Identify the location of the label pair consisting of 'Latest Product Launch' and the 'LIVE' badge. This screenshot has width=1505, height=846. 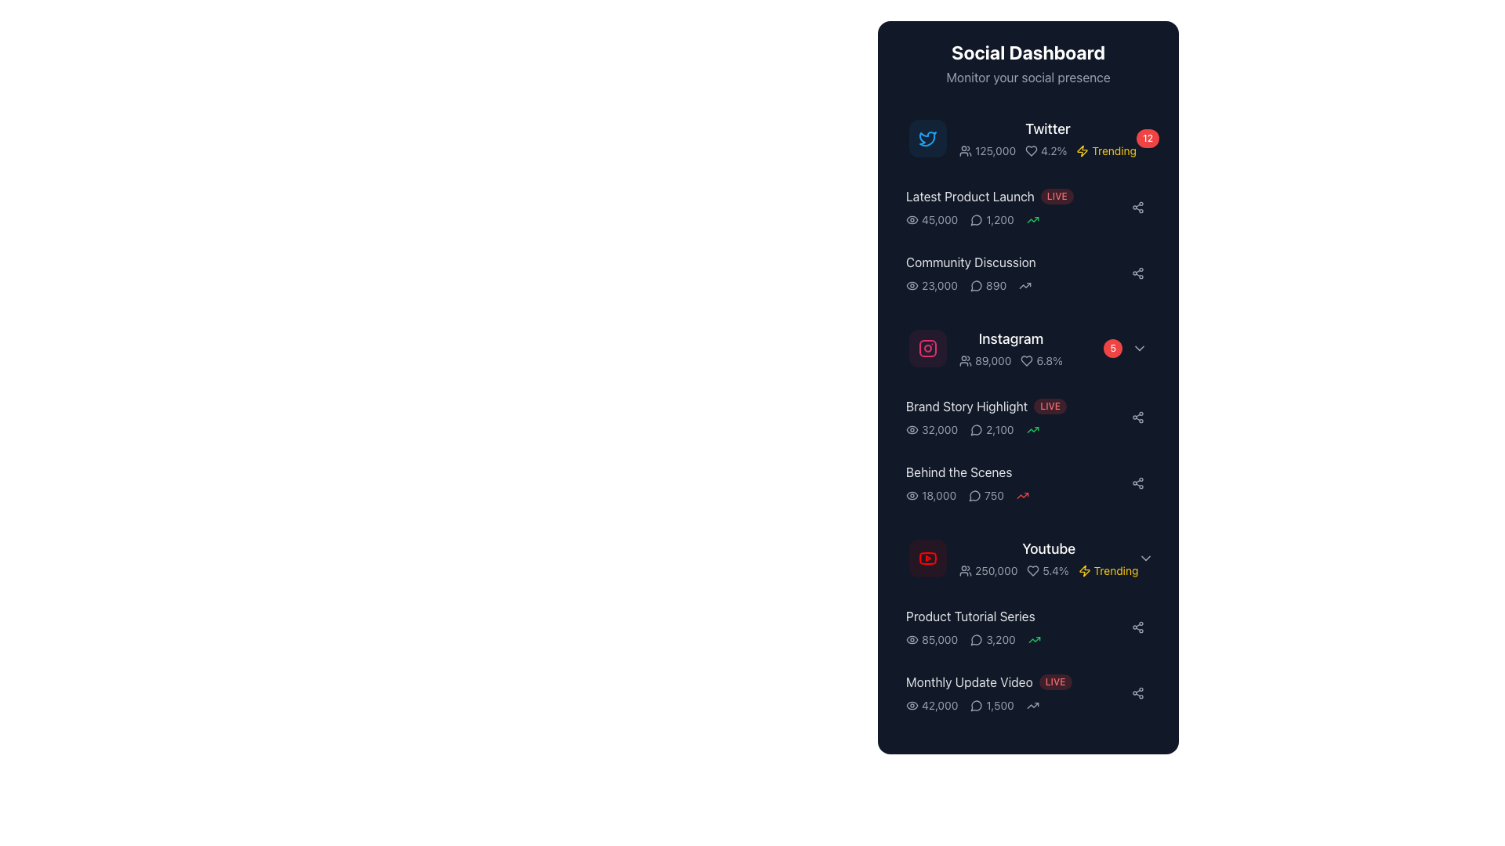
(1016, 195).